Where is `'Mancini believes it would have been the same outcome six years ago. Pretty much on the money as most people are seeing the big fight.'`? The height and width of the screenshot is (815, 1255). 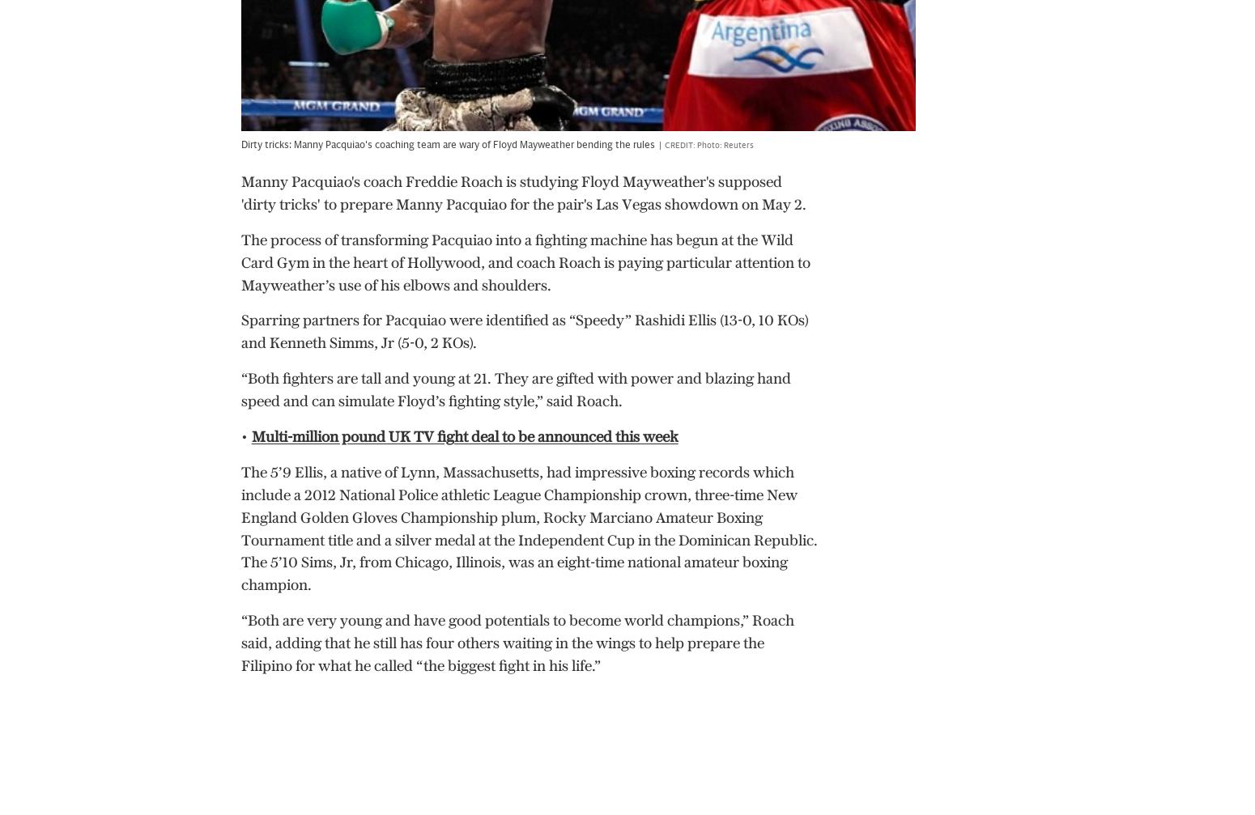
'Mancini believes it would have been the same outcome six years ago. Pretty much on the money as most people are seeing the big fight.' is located at coordinates (517, 97).